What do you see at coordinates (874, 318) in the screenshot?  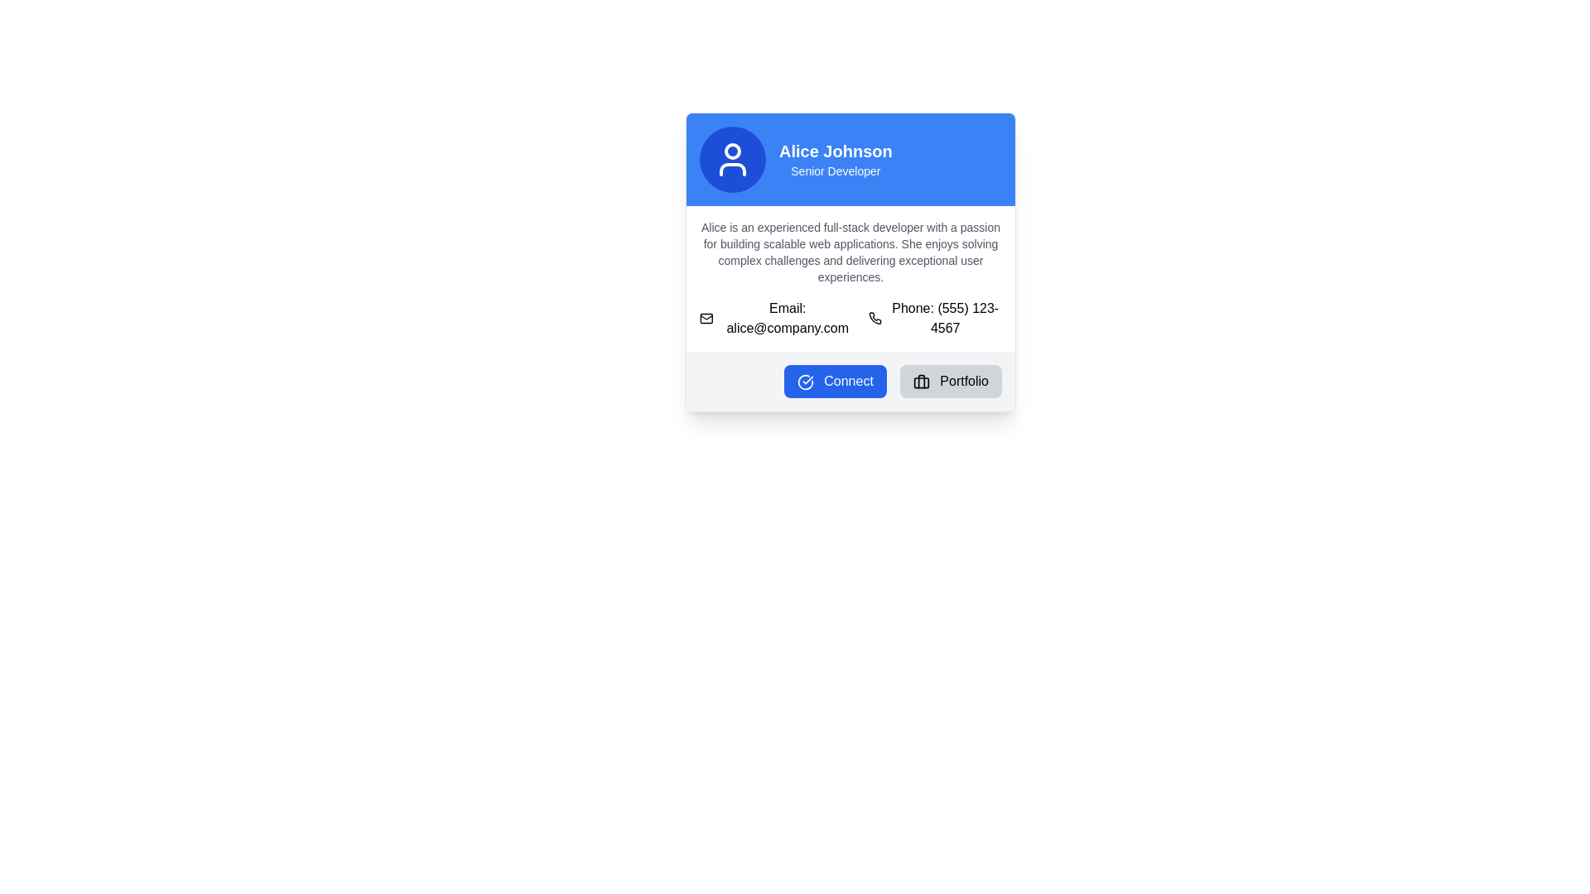 I see `the phone icon with a black outline and rounded corners located to the right of the email icon in the contact information row under the user's profile card for further interaction` at bounding box center [874, 318].